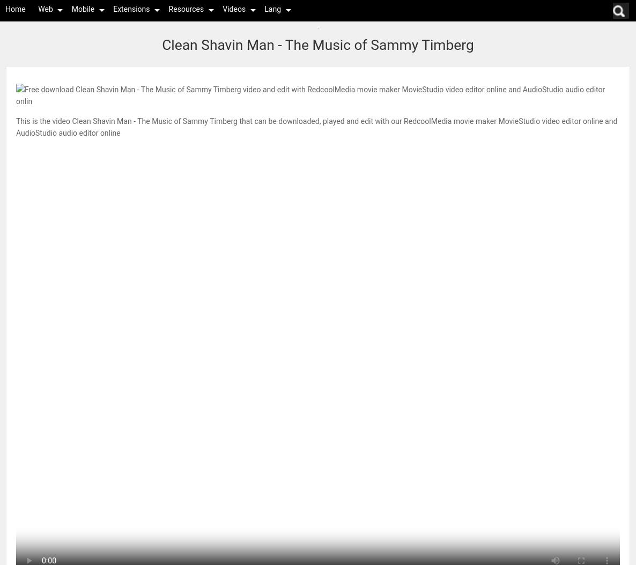  What do you see at coordinates (272, 9) in the screenshot?
I see `'Lang'` at bounding box center [272, 9].